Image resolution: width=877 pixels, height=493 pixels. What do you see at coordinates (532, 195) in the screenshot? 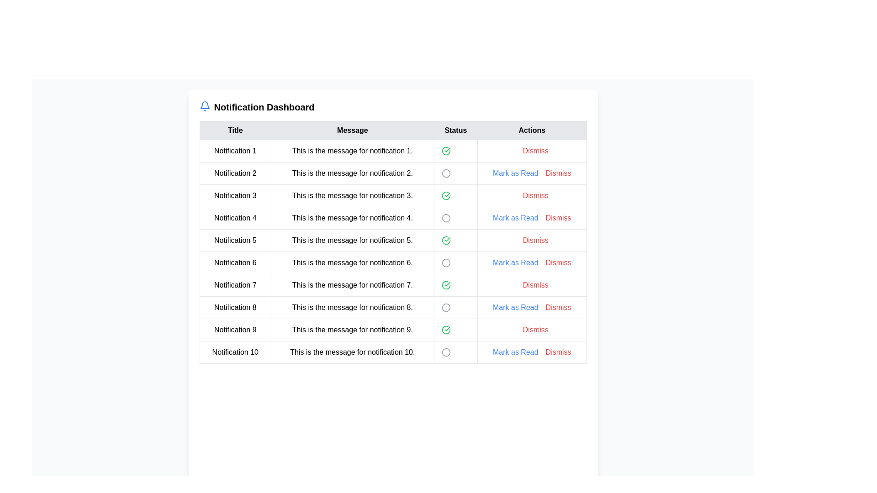
I see `the Link styled as a button in the 'Actions' column for 'Notification 3'` at bounding box center [532, 195].